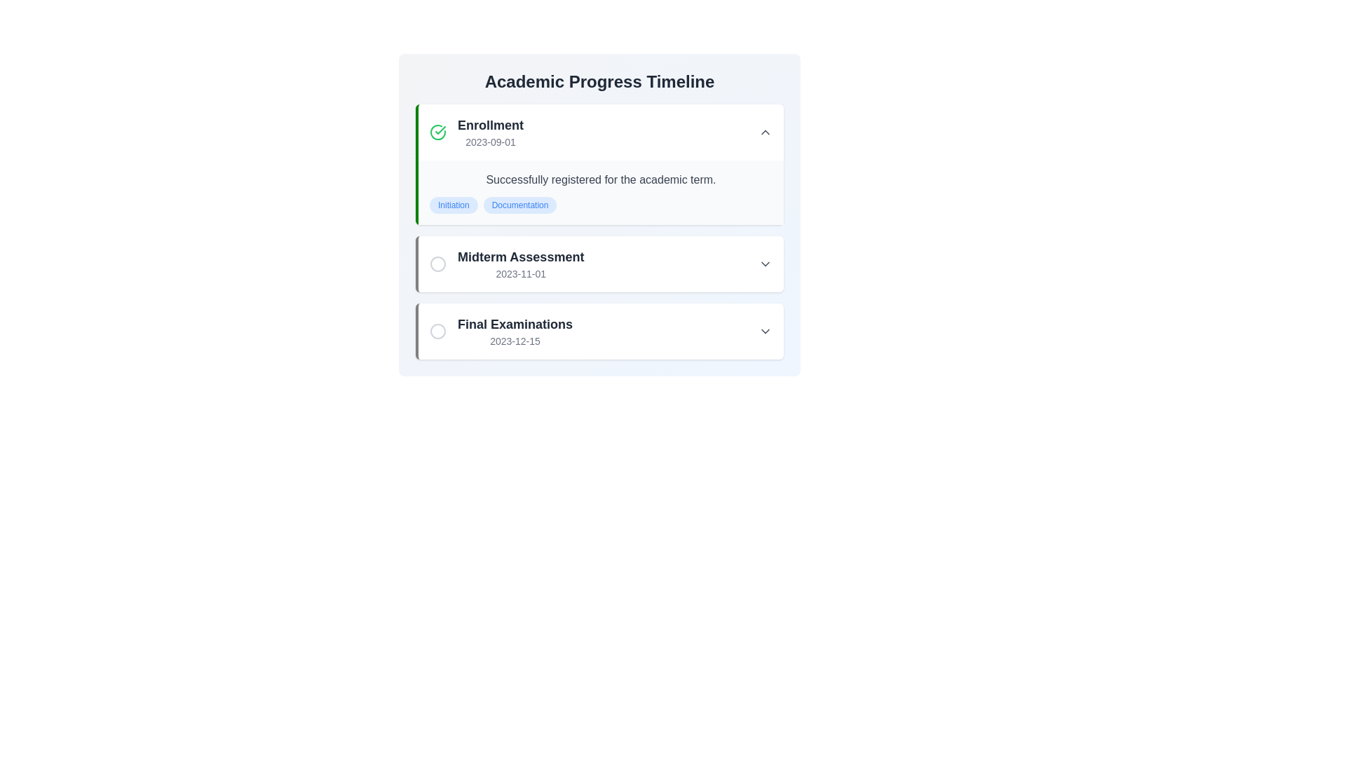 The width and height of the screenshot is (1346, 757). I want to click on the circular icon with a gray outline located next to the 'Final Examinations' text, which is horizontally aligned with it, so click(437, 332).